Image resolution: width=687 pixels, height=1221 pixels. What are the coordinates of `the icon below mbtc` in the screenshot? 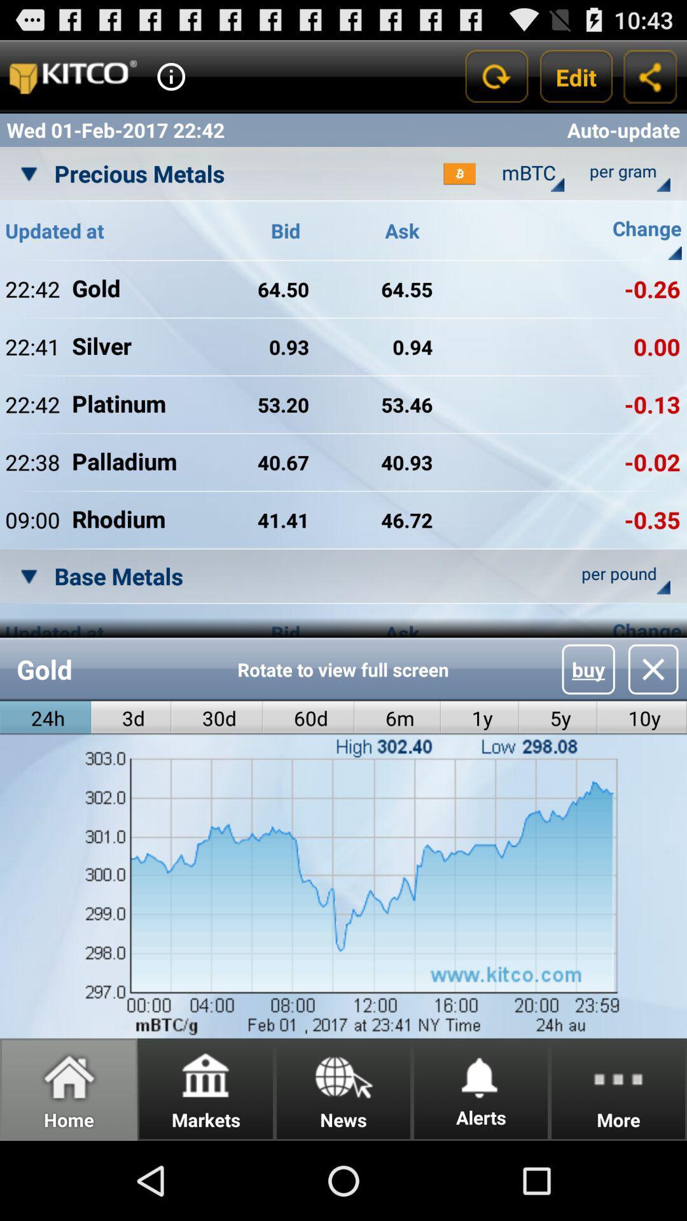 It's located at (557, 184).